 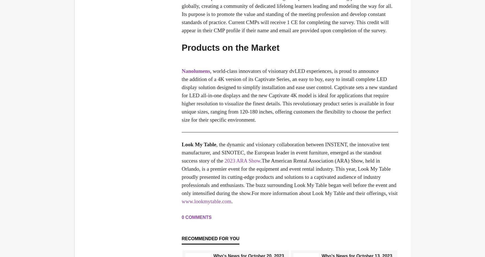 I want to click on 'Look My Table', so click(x=199, y=144).